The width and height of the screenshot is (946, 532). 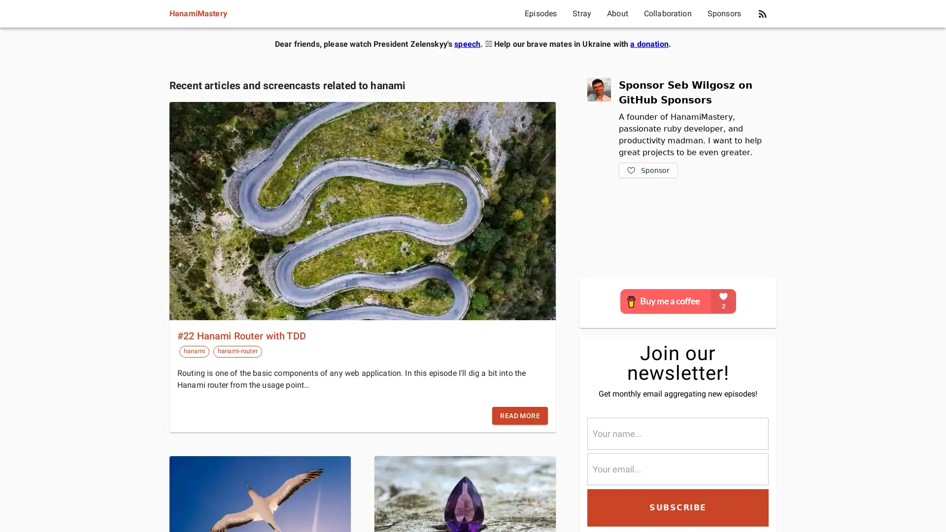 What do you see at coordinates (194, 351) in the screenshot?
I see `hanami` at bounding box center [194, 351].